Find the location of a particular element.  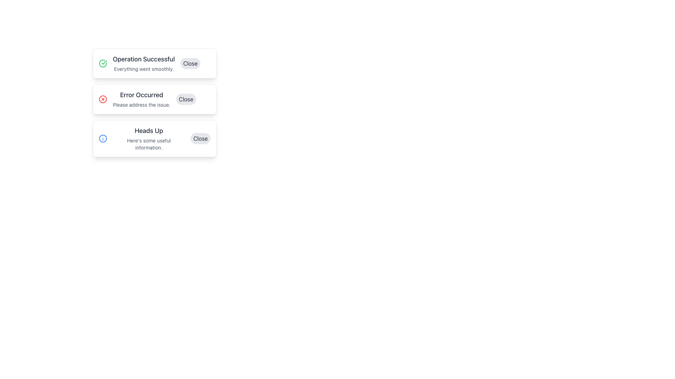

the header or title text element located in the third section of the vertically stacked list of notifications, positioned above a smaller text and below a section with similar formatting is located at coordinates (148, 131).